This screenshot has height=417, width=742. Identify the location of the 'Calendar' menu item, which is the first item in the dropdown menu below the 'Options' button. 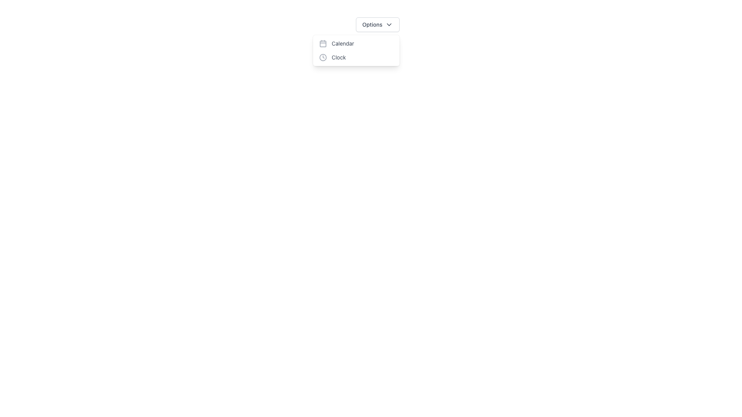
(356, 43).